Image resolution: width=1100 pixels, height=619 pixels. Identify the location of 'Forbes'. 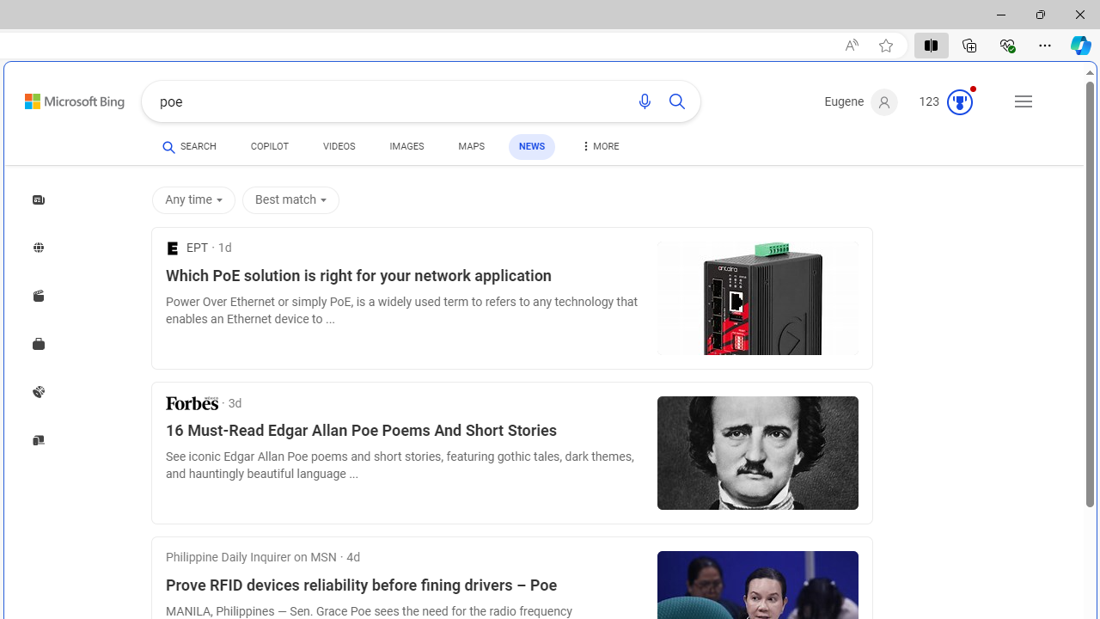
(192, 402).